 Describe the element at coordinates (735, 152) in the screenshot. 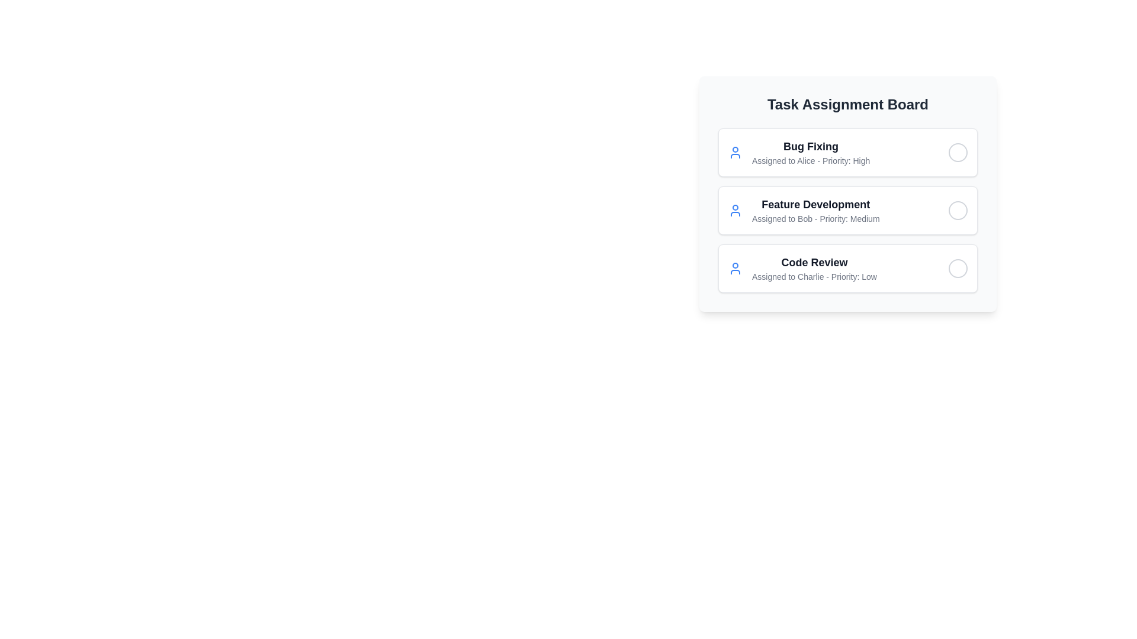

I see `the user icon representing the assignee for the task 'Bug Fixing', located at the top-left corner of the first task card` at that location.